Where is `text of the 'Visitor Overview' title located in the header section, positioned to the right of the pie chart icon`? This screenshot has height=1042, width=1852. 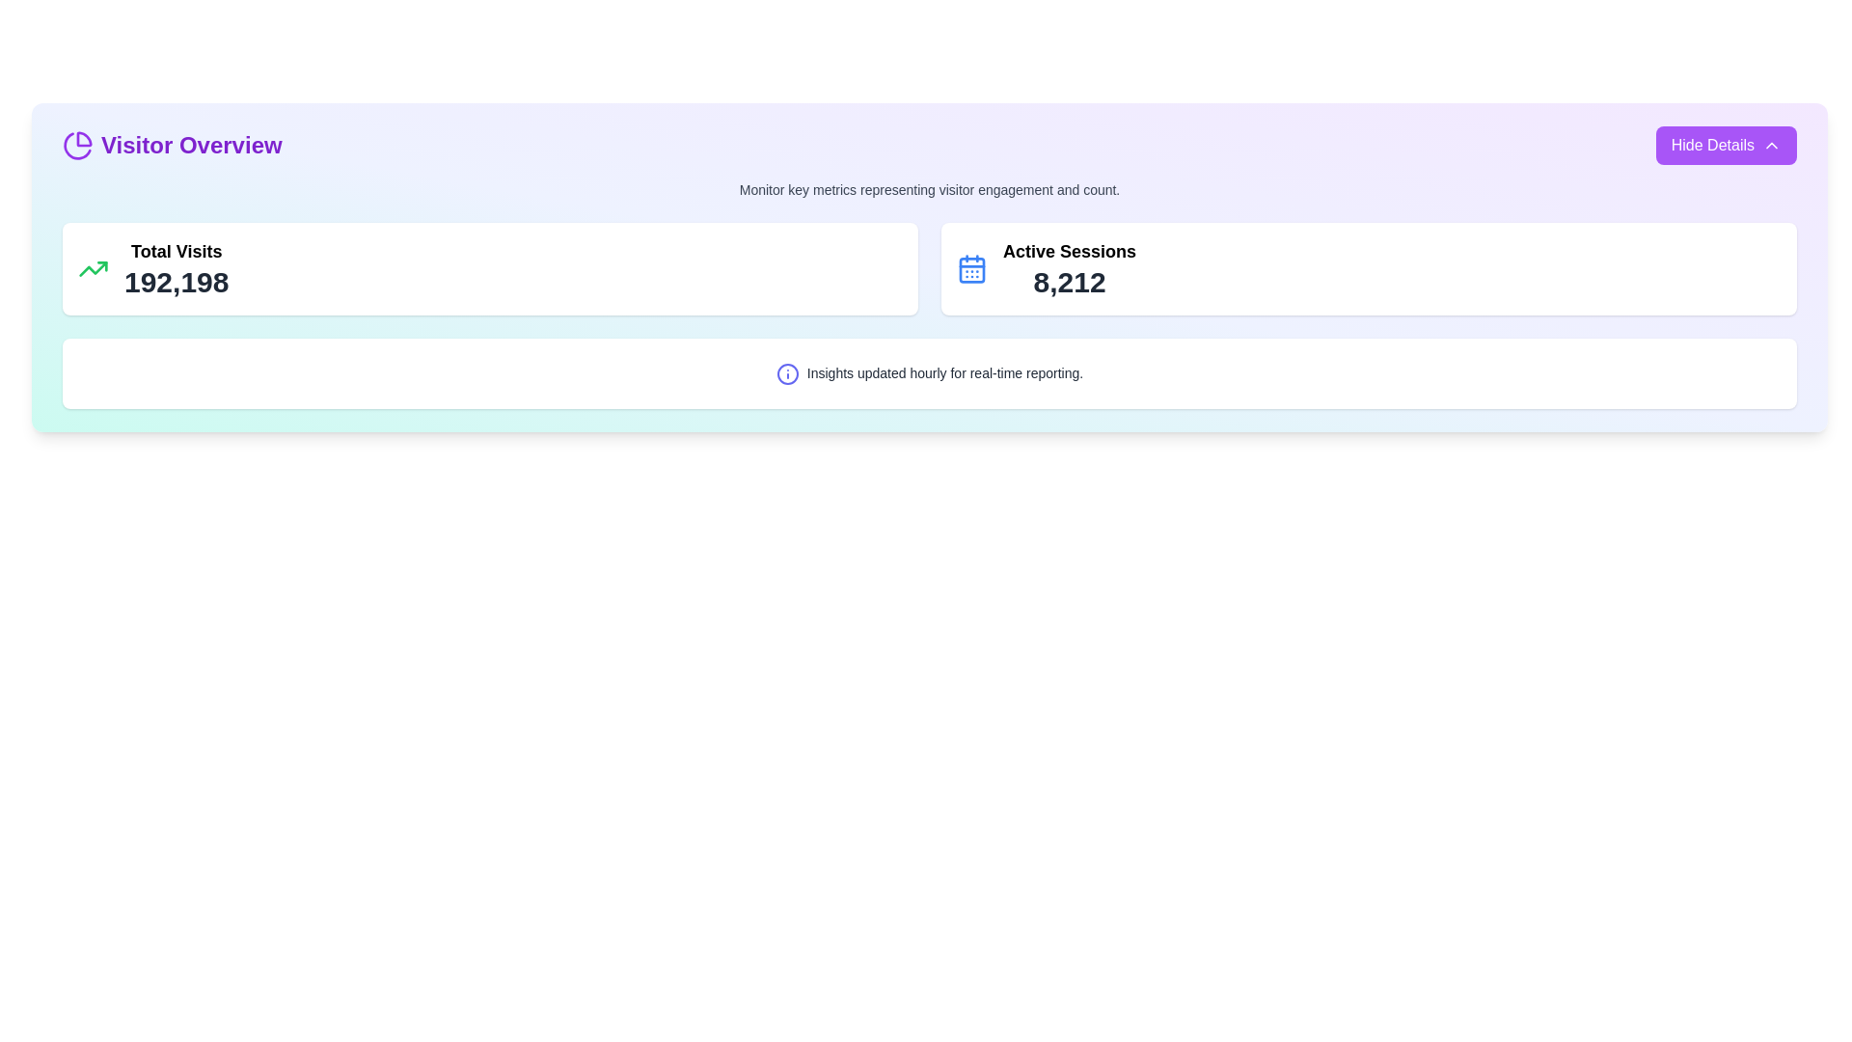
text of the 'Visitor Overview' title located in the header section, positioned to the right of the pie chart icon is located at coordinates (191, 144).